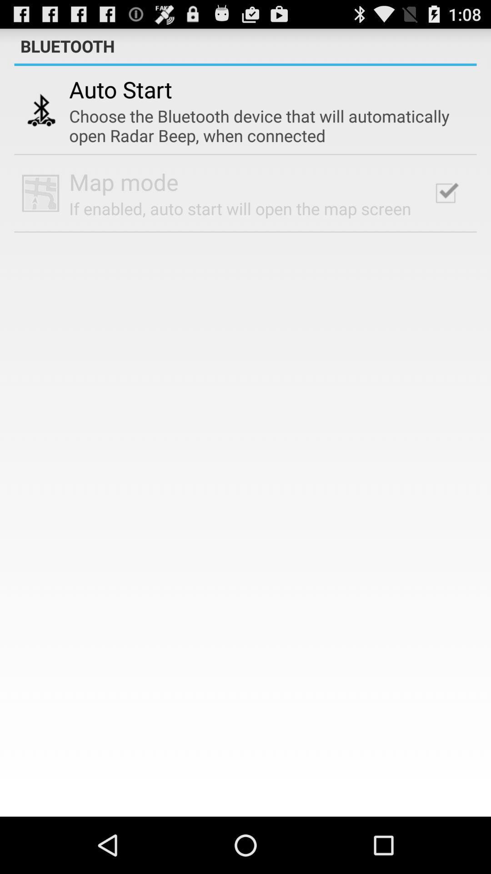  Describe the element at coordinates (240, 208) in the screenshot. I see `if enabled auto` at that location.